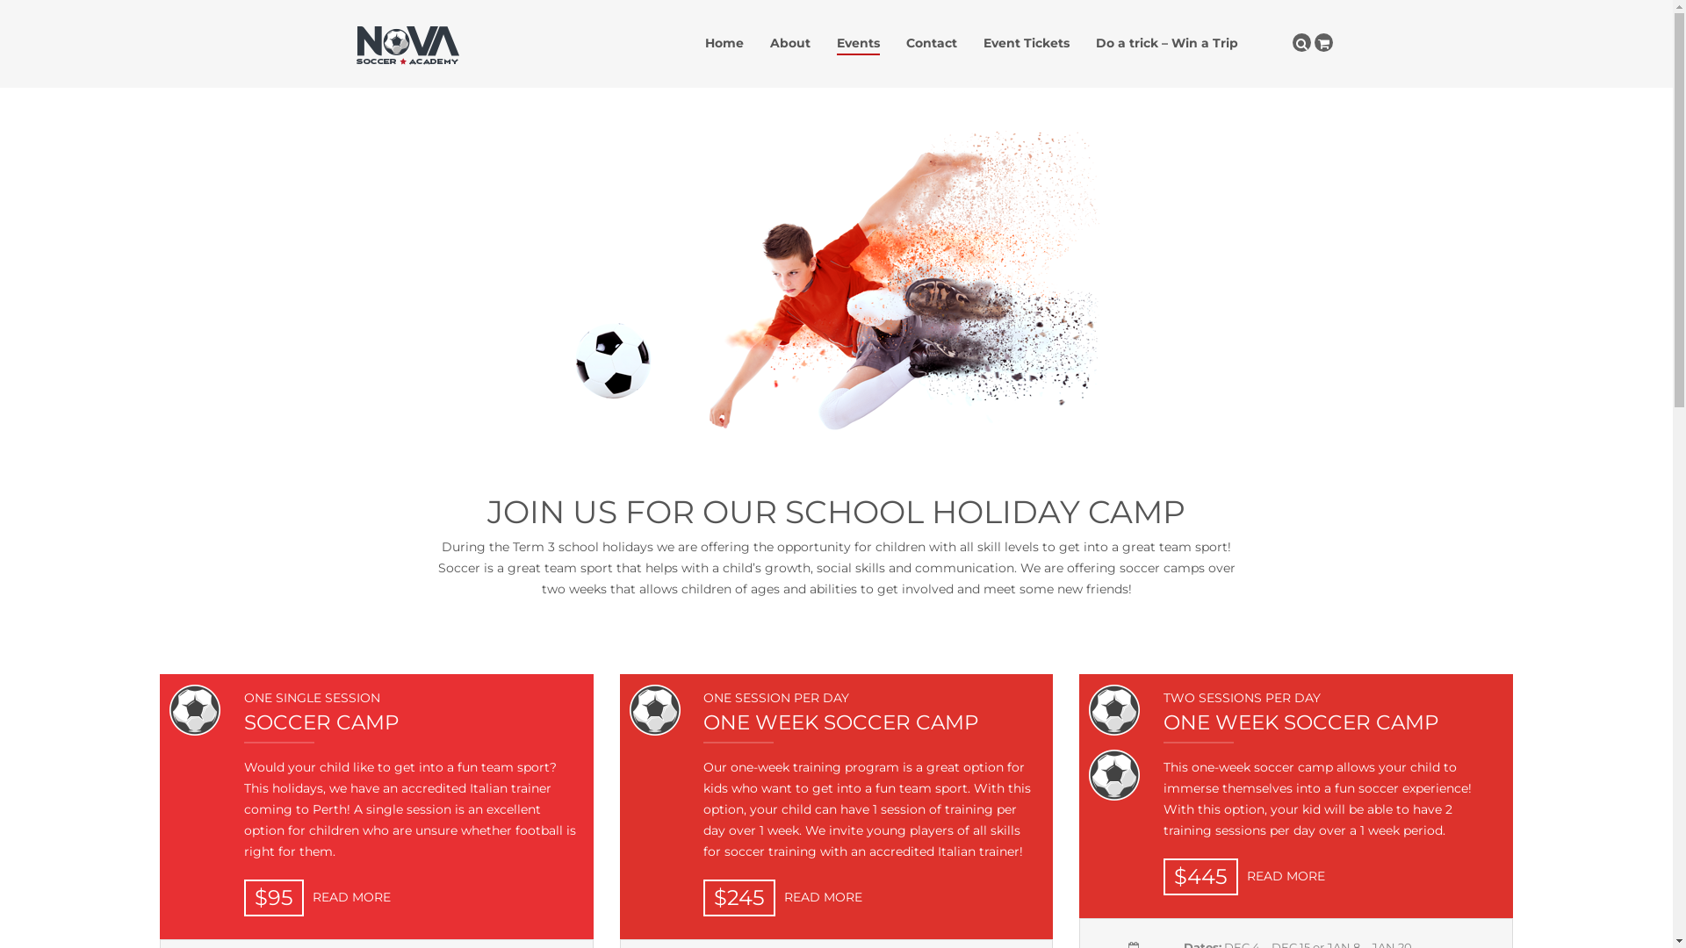 This screenshot has width=1686, height=948. Describe the element at coordinates (1027, 42) in the screenshot. I see `'Event Tickets'` at that location.